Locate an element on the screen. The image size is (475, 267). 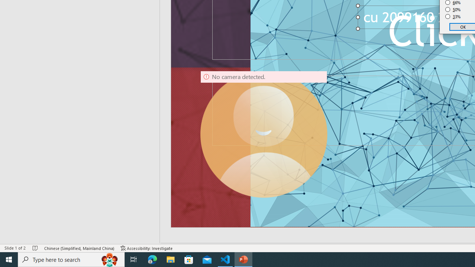
'Start' is located at coordinates (9, 259).